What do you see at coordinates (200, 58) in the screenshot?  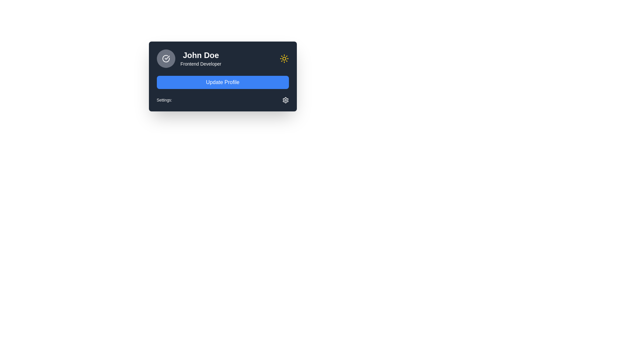 I see `the Text display component that contains the text 'John Doe' in bold, above 'Frontend Developer', positioned towards the top-center of the card-like interface` at bounding box center [200, 58].